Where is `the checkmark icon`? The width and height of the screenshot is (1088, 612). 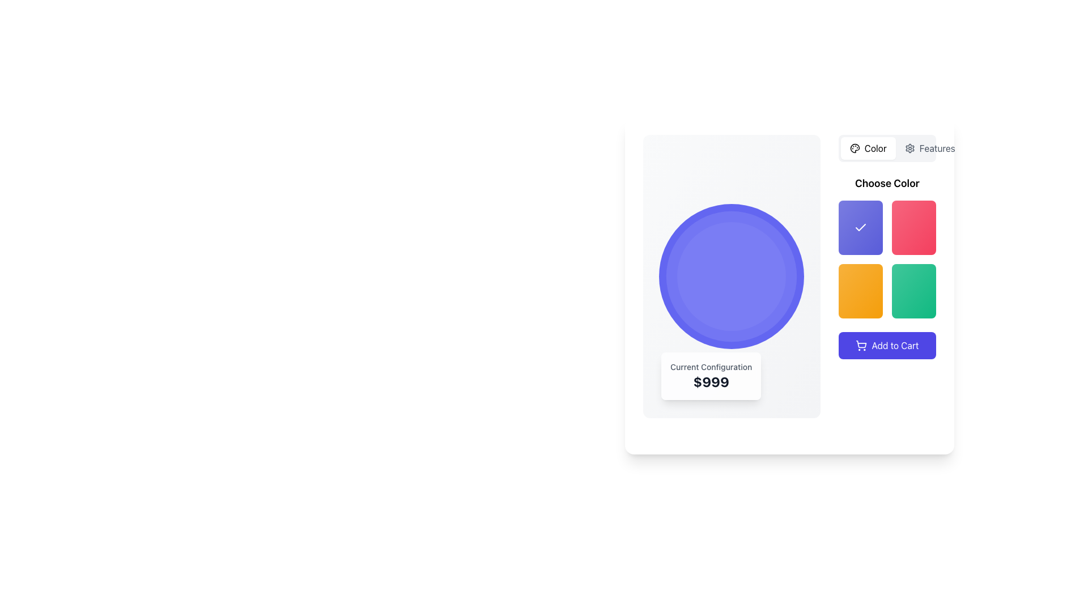
the checkmark icon is located at coordinates (860, 227).